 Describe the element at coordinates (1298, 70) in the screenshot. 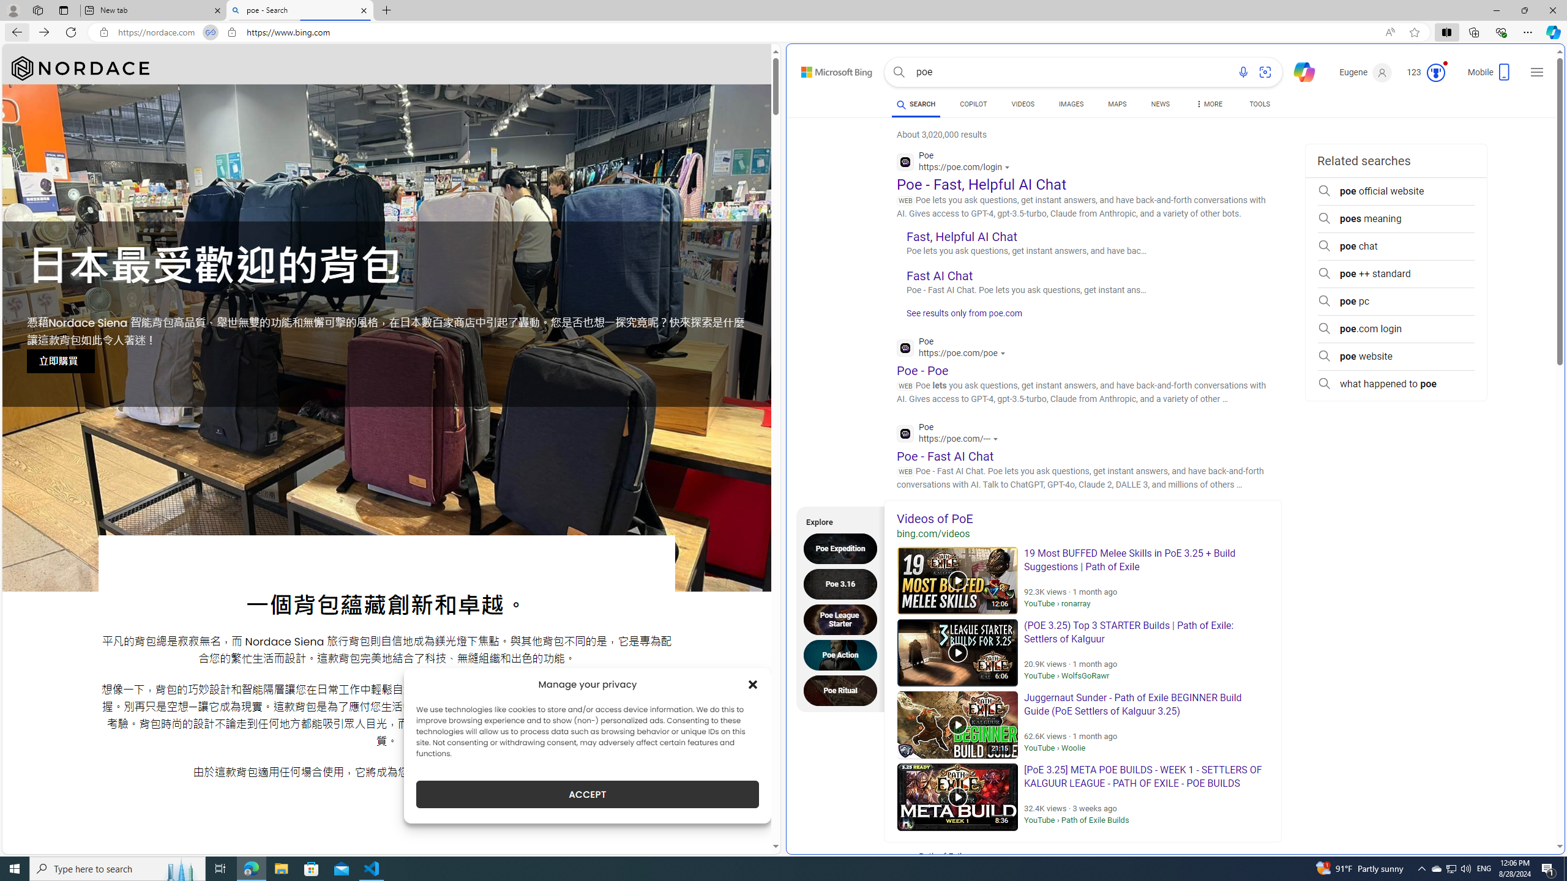

I see `'Chat'` at that location.